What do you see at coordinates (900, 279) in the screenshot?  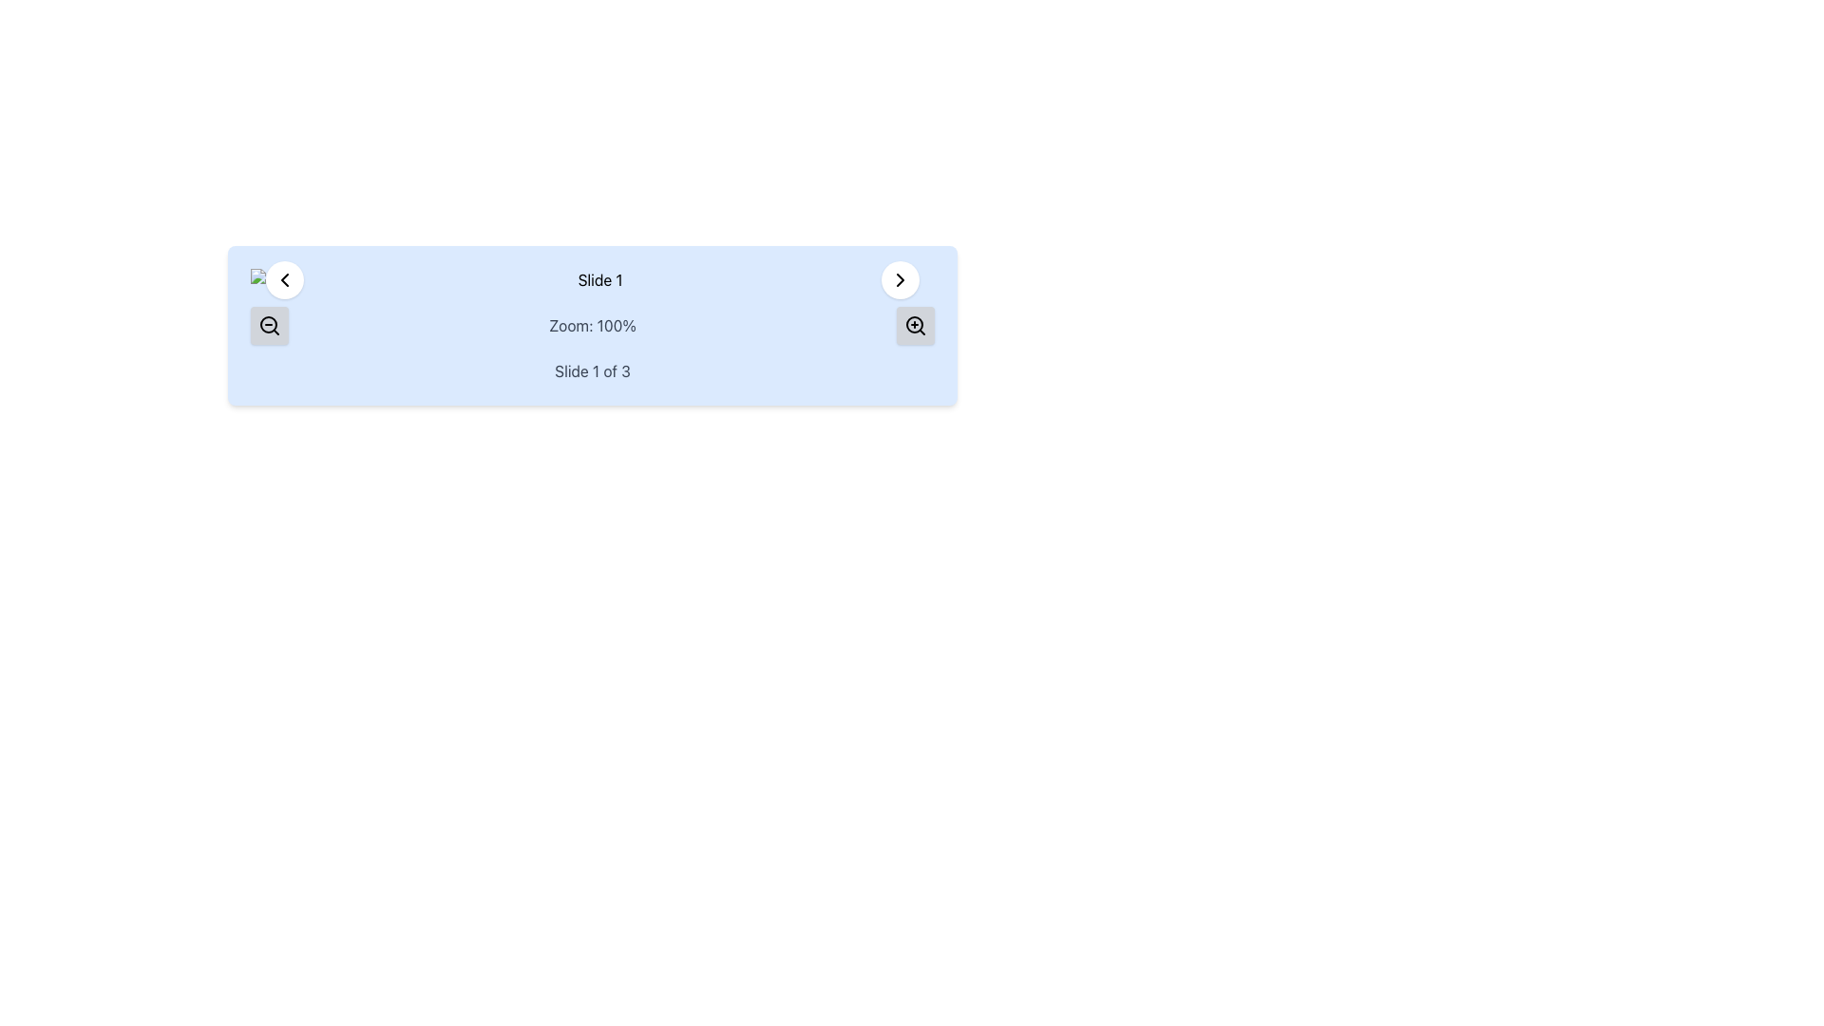 I see `the 'Next' button located at the top-right corner of the carousel interface` at bounding box center [900, 279].